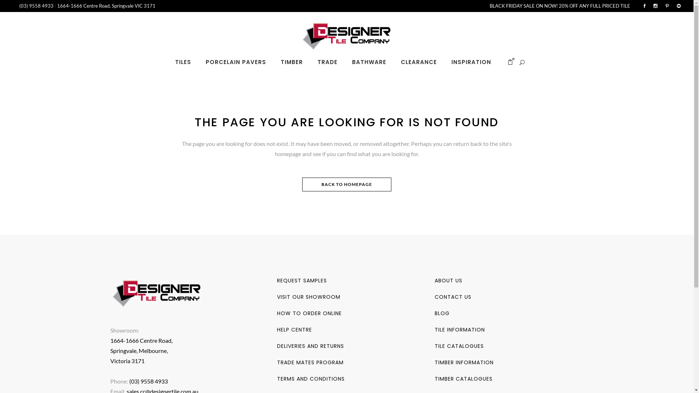 The width and height of the screenshot is (699, 393). I want to click on 'TIMBER', so click(273, 61).